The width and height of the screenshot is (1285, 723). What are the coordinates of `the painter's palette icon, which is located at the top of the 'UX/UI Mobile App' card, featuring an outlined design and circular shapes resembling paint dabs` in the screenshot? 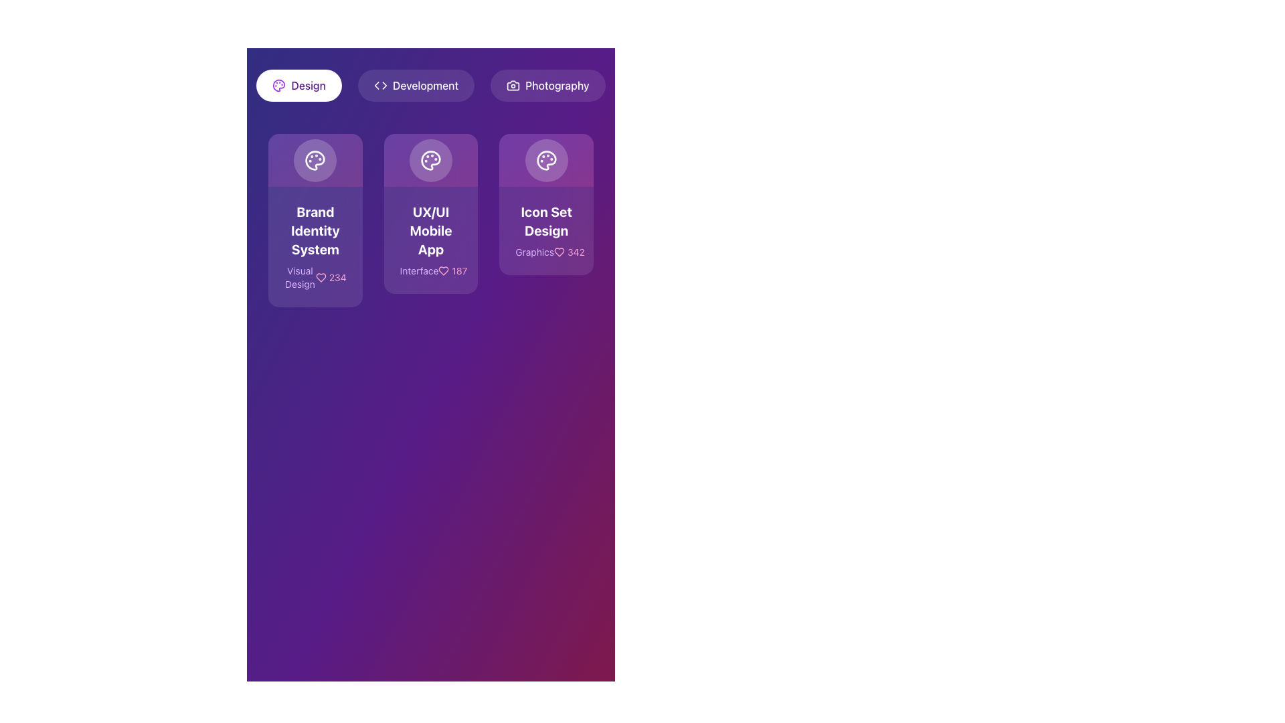 It's located at (430, 159).